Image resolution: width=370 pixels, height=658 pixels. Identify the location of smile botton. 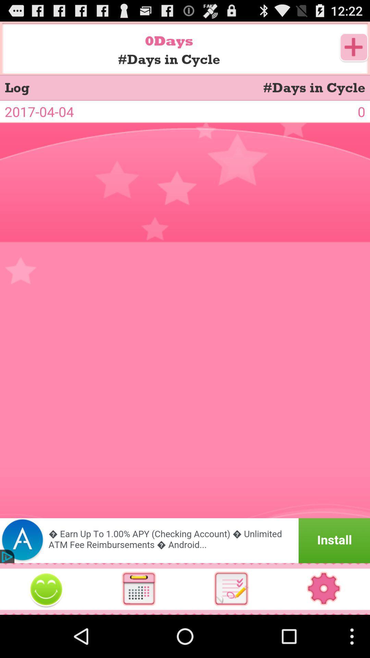
(46, 588).